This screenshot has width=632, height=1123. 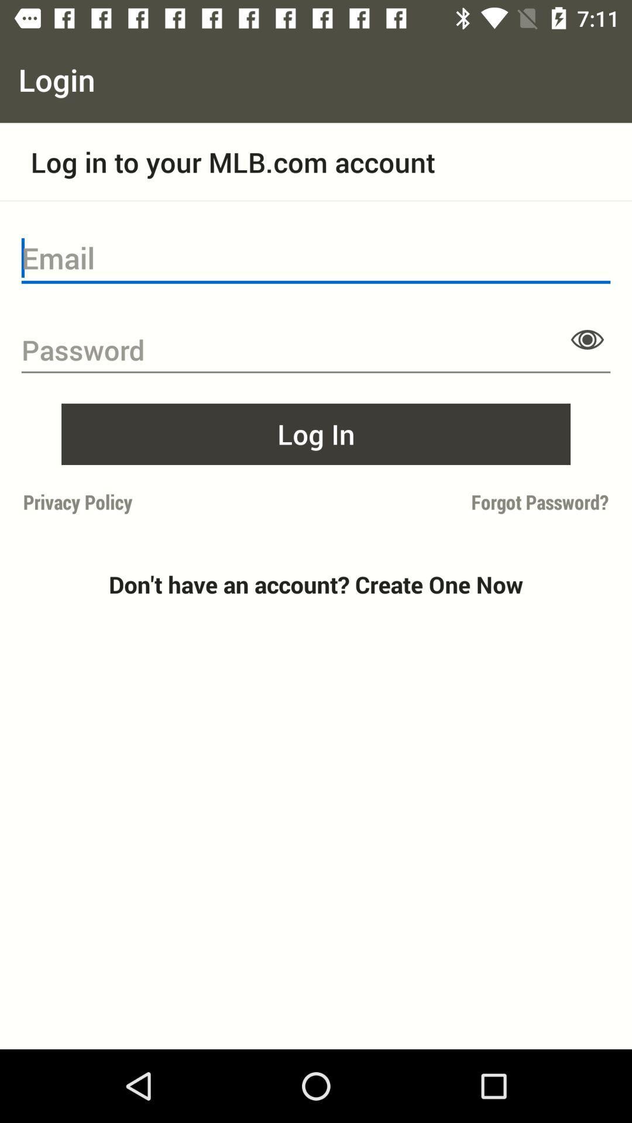 I want to click on the visibility icon, so click(x=587, y=339).